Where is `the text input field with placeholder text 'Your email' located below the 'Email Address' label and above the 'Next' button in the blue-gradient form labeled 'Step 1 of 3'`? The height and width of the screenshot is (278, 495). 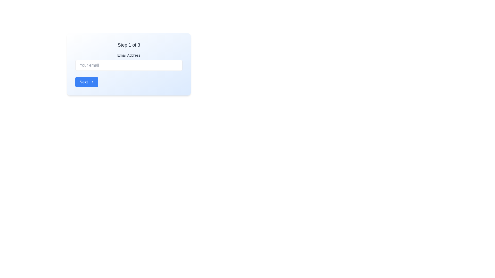
the text input field with placeholder text 'Your email' located below the 'Email Address' label and above the 'Next' button in the blue-gradient form labeled 'Step 1 of 3' is located at coordinates (129, 64).